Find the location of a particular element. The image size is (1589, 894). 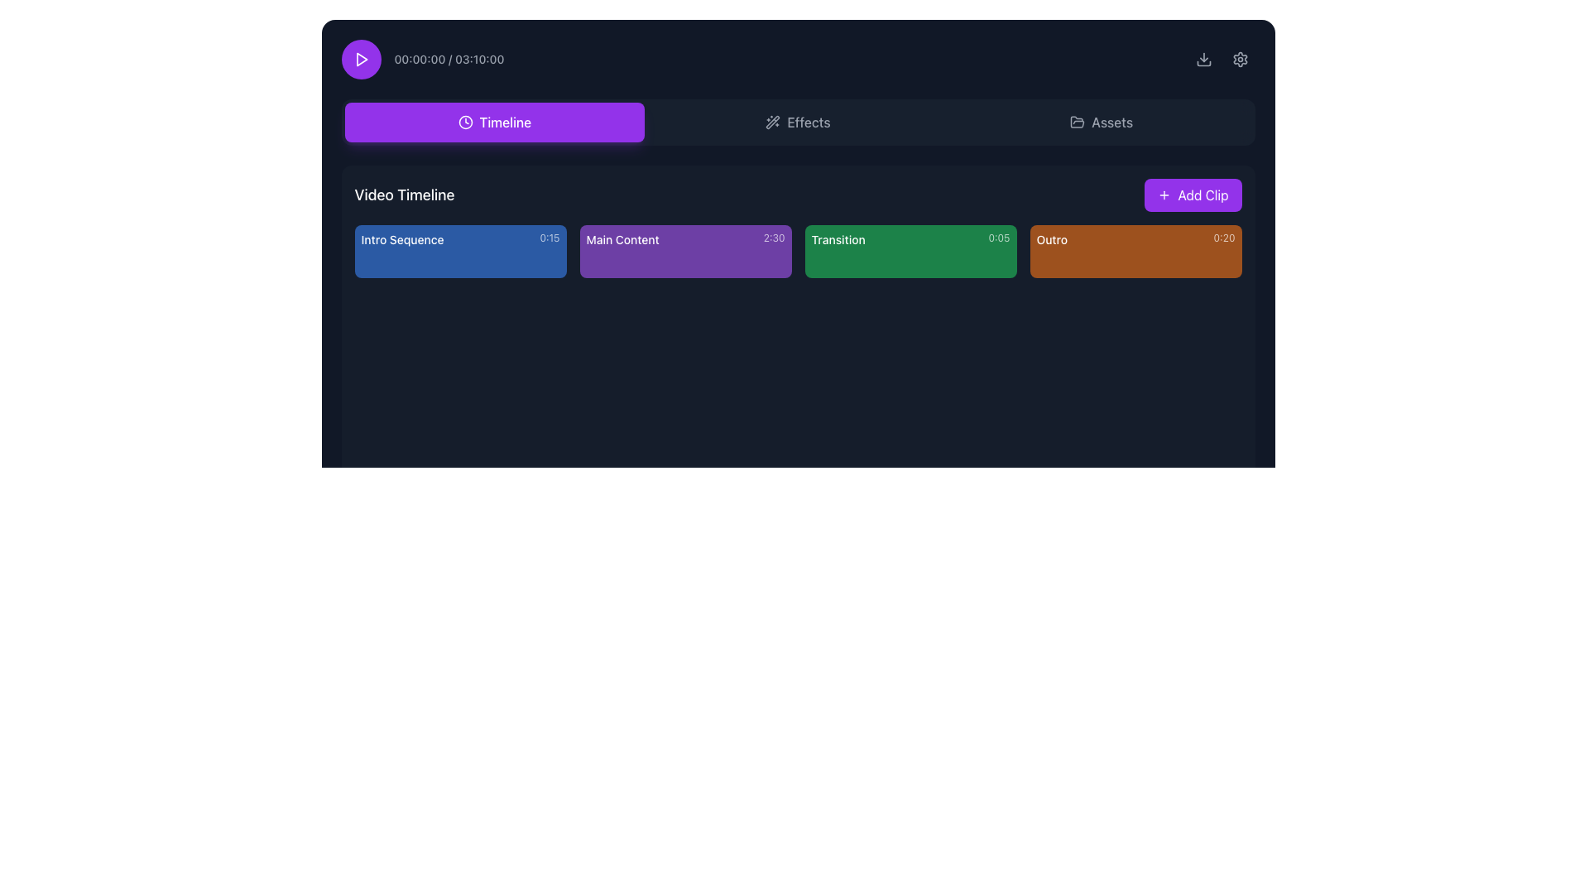

the purple plus sign icon within the 'Add Clip' button located in the top-right part of the main content area is located at coordinates (1164, 194).